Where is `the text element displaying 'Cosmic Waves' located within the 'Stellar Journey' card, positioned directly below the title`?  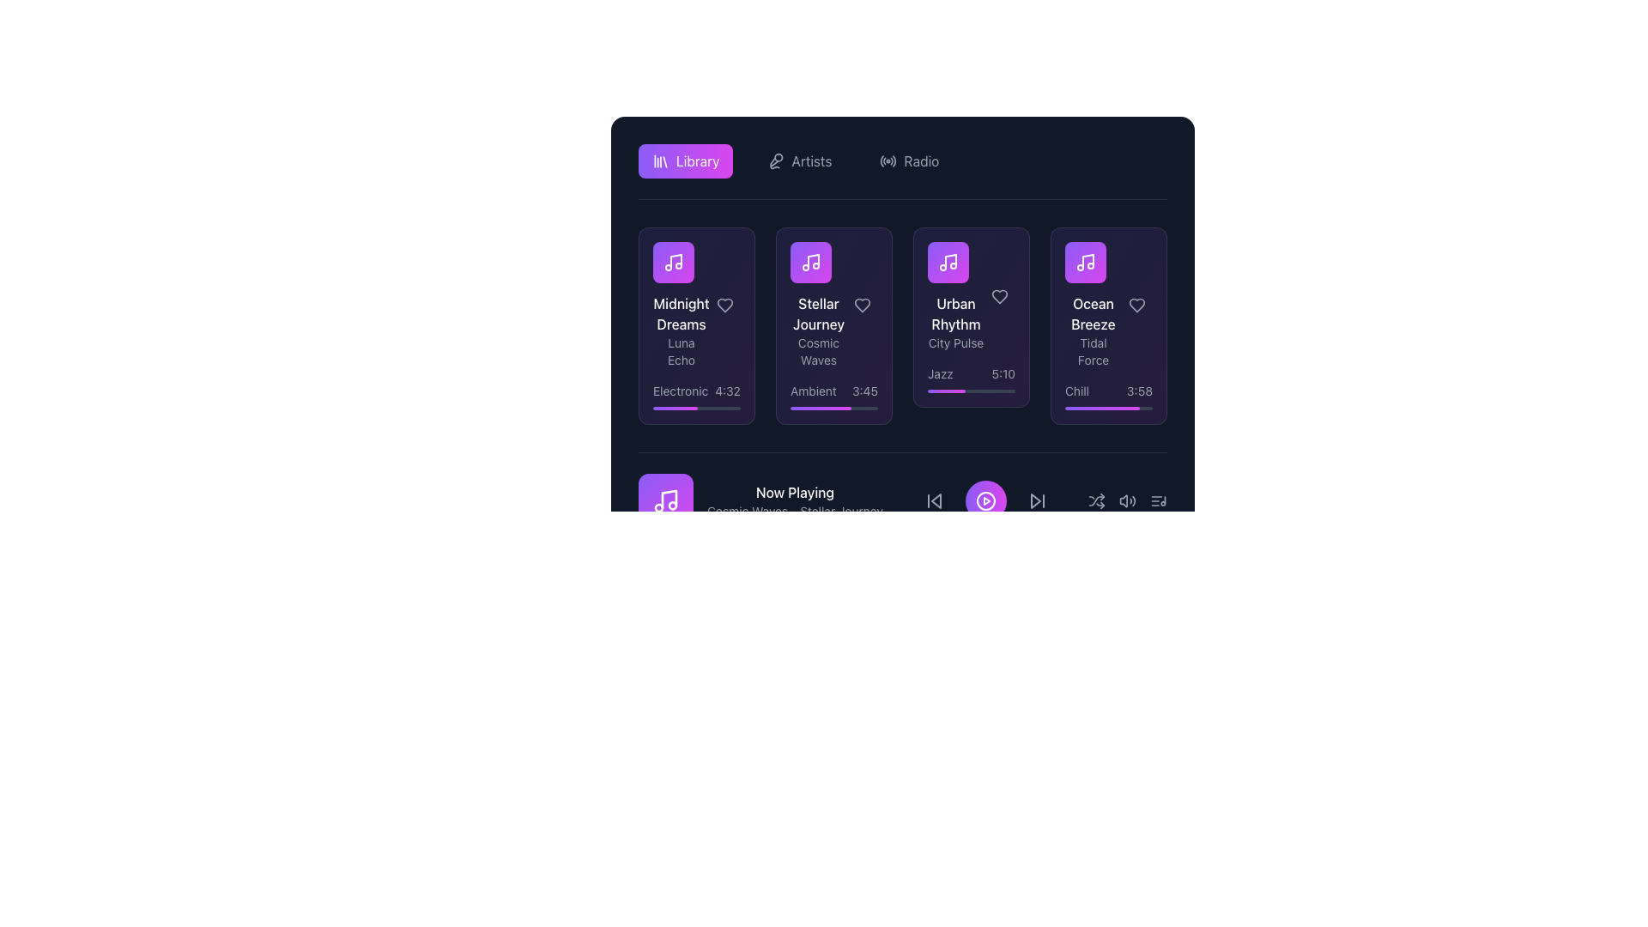
the text element displaying 'Cosmic Waves' located within the 'Stellar Journey' card, positioned directly below the title is located at coordinates (818, 350).